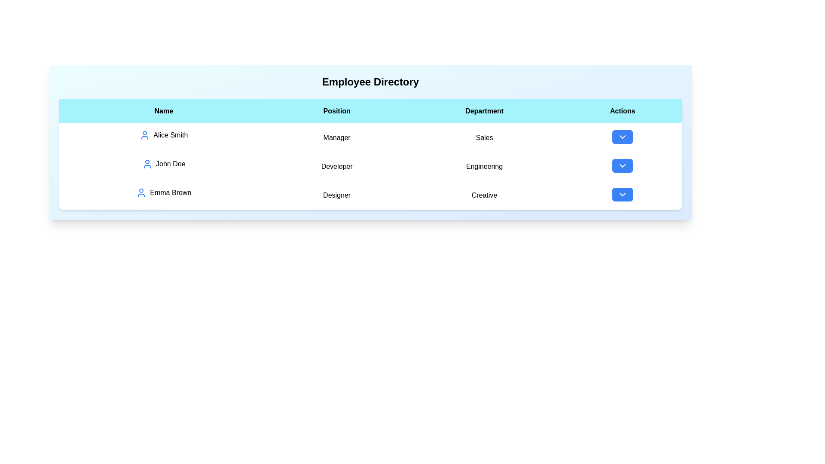 This screenshot has width=825, height=464. Describe the element at coordinates (370, 166) in the screenshot. I see `the table row displaying information for 'John Doe', which includes the position 'Developer' and department 'Engineering'. This row is located between the rows for 'Alice Smith' and 'Emma Brown'` at that location.